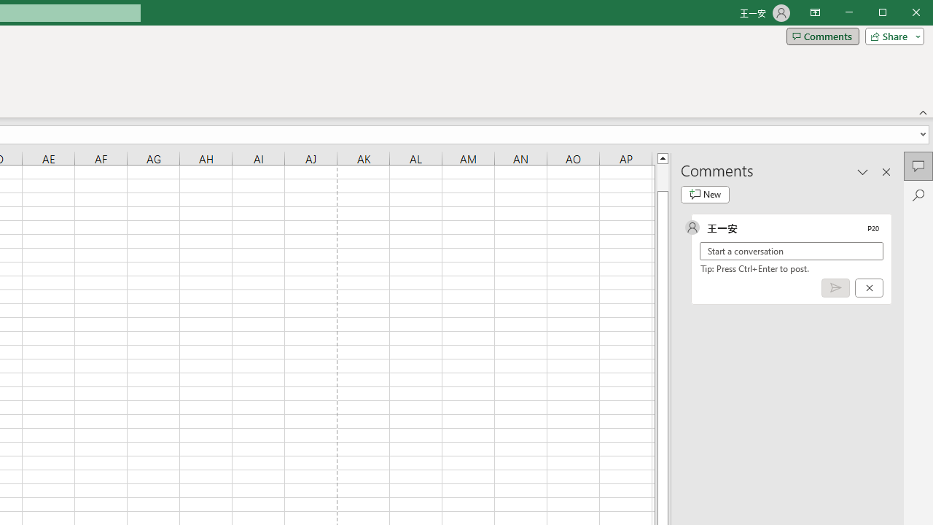  What do you see at coordinates (902, 14) in the screenshot?
I see `'Maximize'` at bounding box center [902, 14].